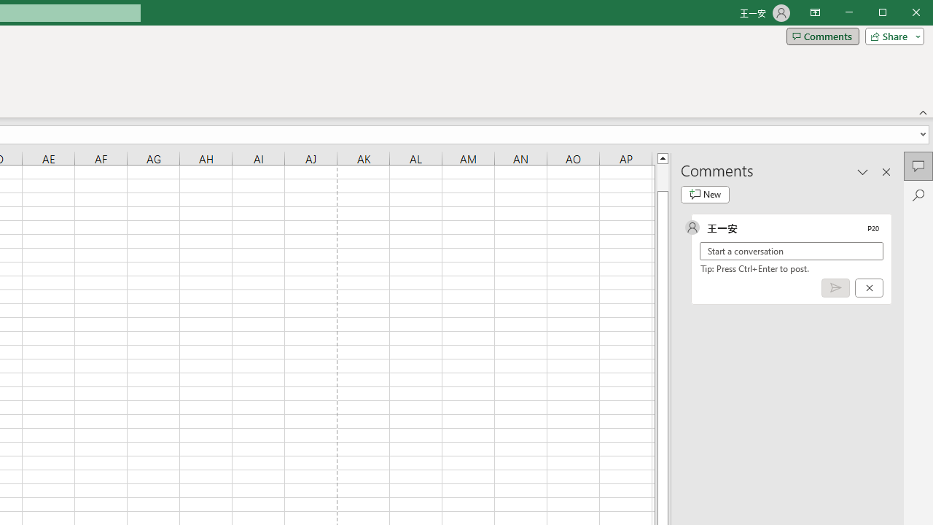  What do you see at coordinates (902, 14) in the screenshot?
I see `'Maximize'` at bounding box center [902, 14].